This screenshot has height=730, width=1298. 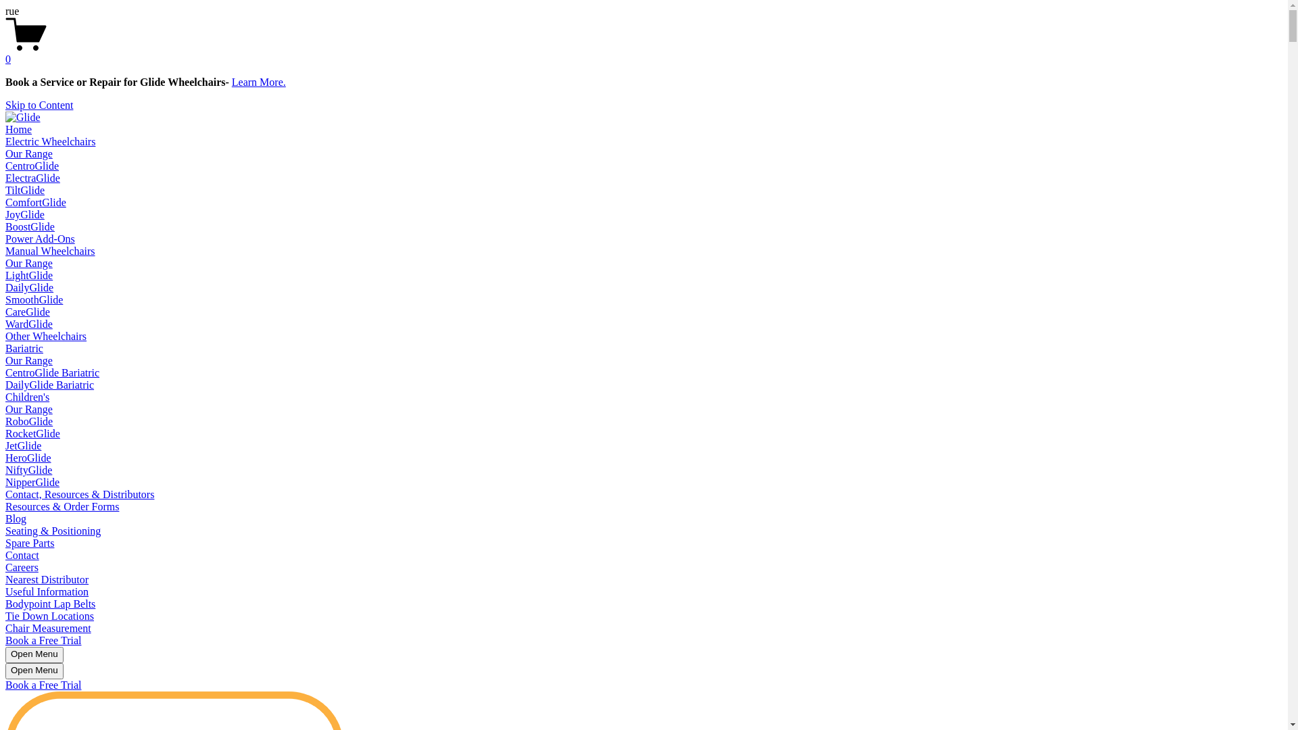 I want to click on 'DailyGlide', so click(x=29, y=287).